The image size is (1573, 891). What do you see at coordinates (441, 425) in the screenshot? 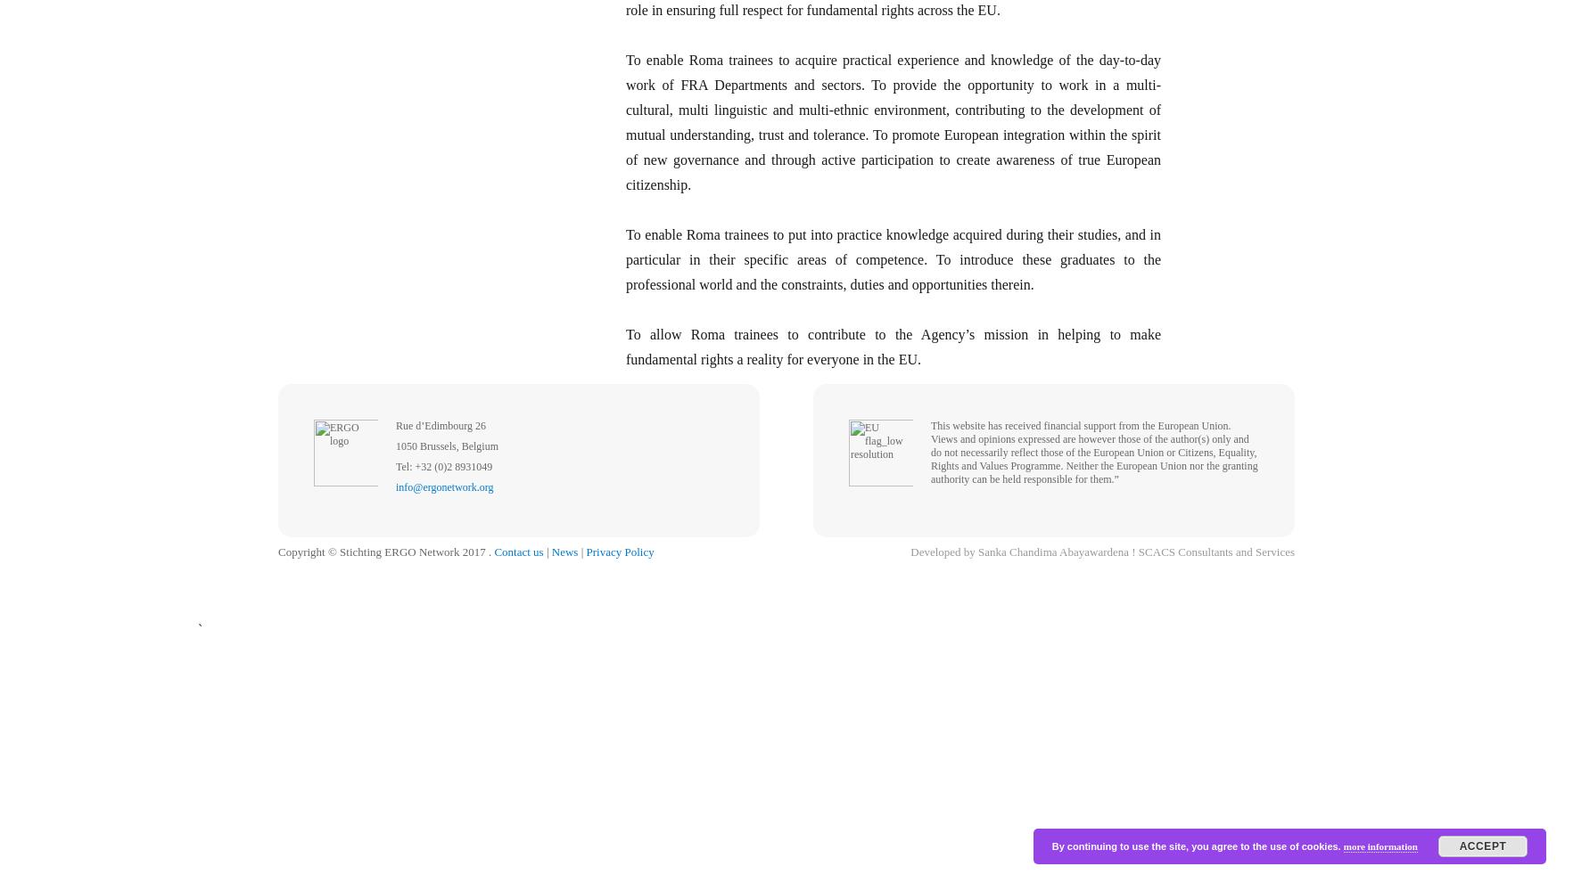
I see `'Rue d’Edimbourg 26'` at bounding box center [441, 425].